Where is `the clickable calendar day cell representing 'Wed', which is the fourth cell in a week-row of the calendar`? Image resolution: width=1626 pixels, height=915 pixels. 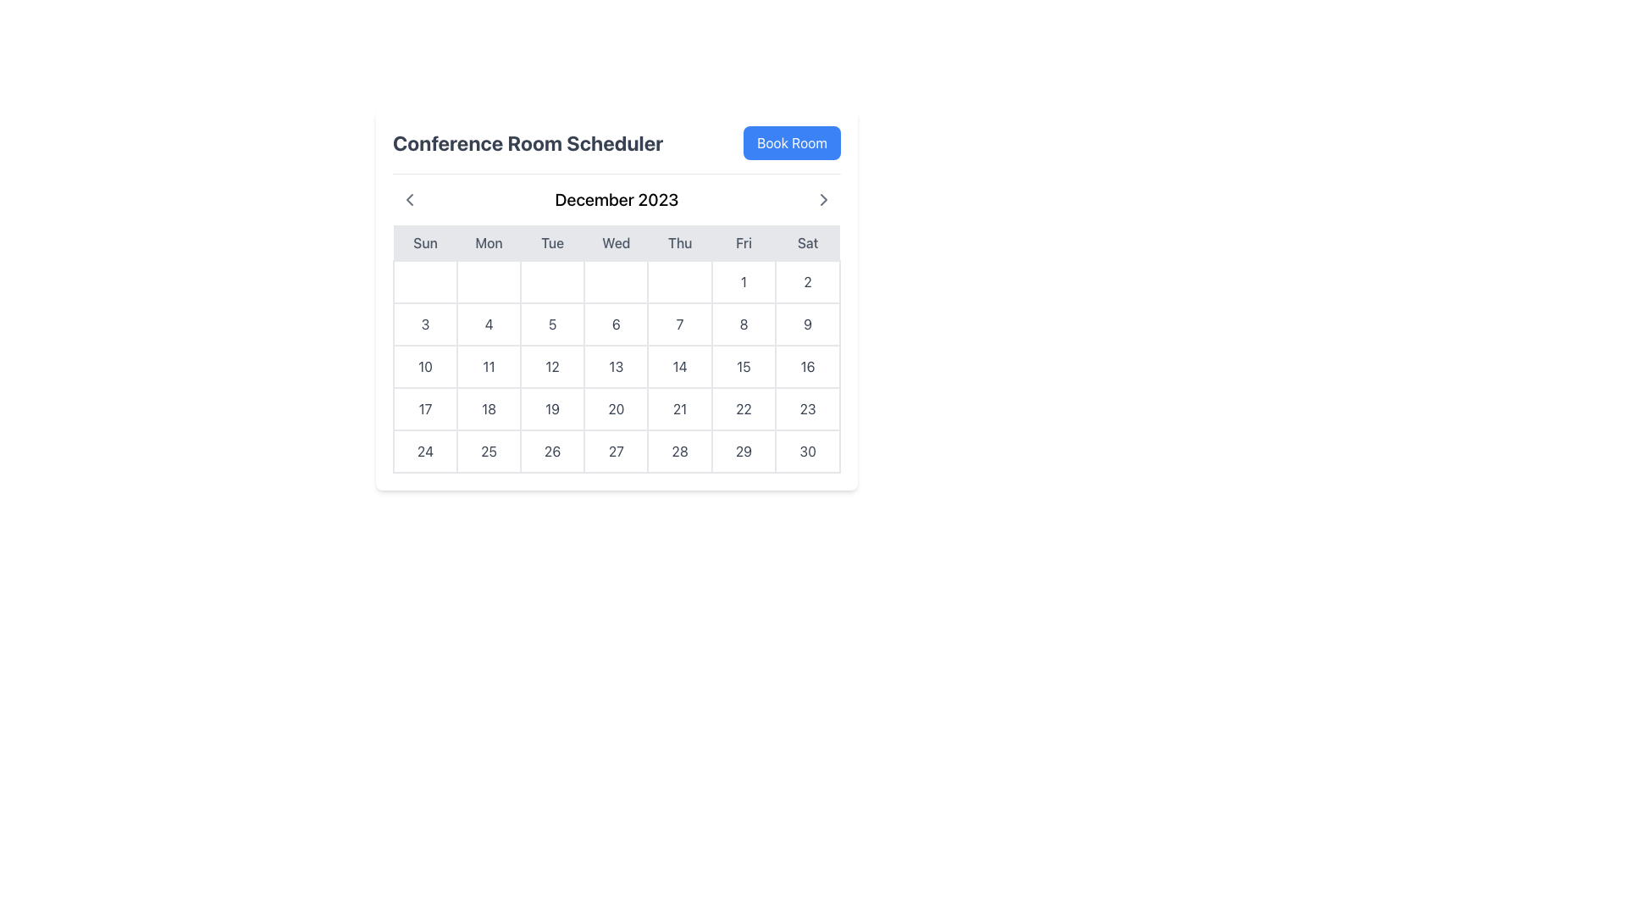
the clickable calendar day cell representing 'Wed', which is the fourth cell in a week-row of the calendar is located at coordinates (615, 280).